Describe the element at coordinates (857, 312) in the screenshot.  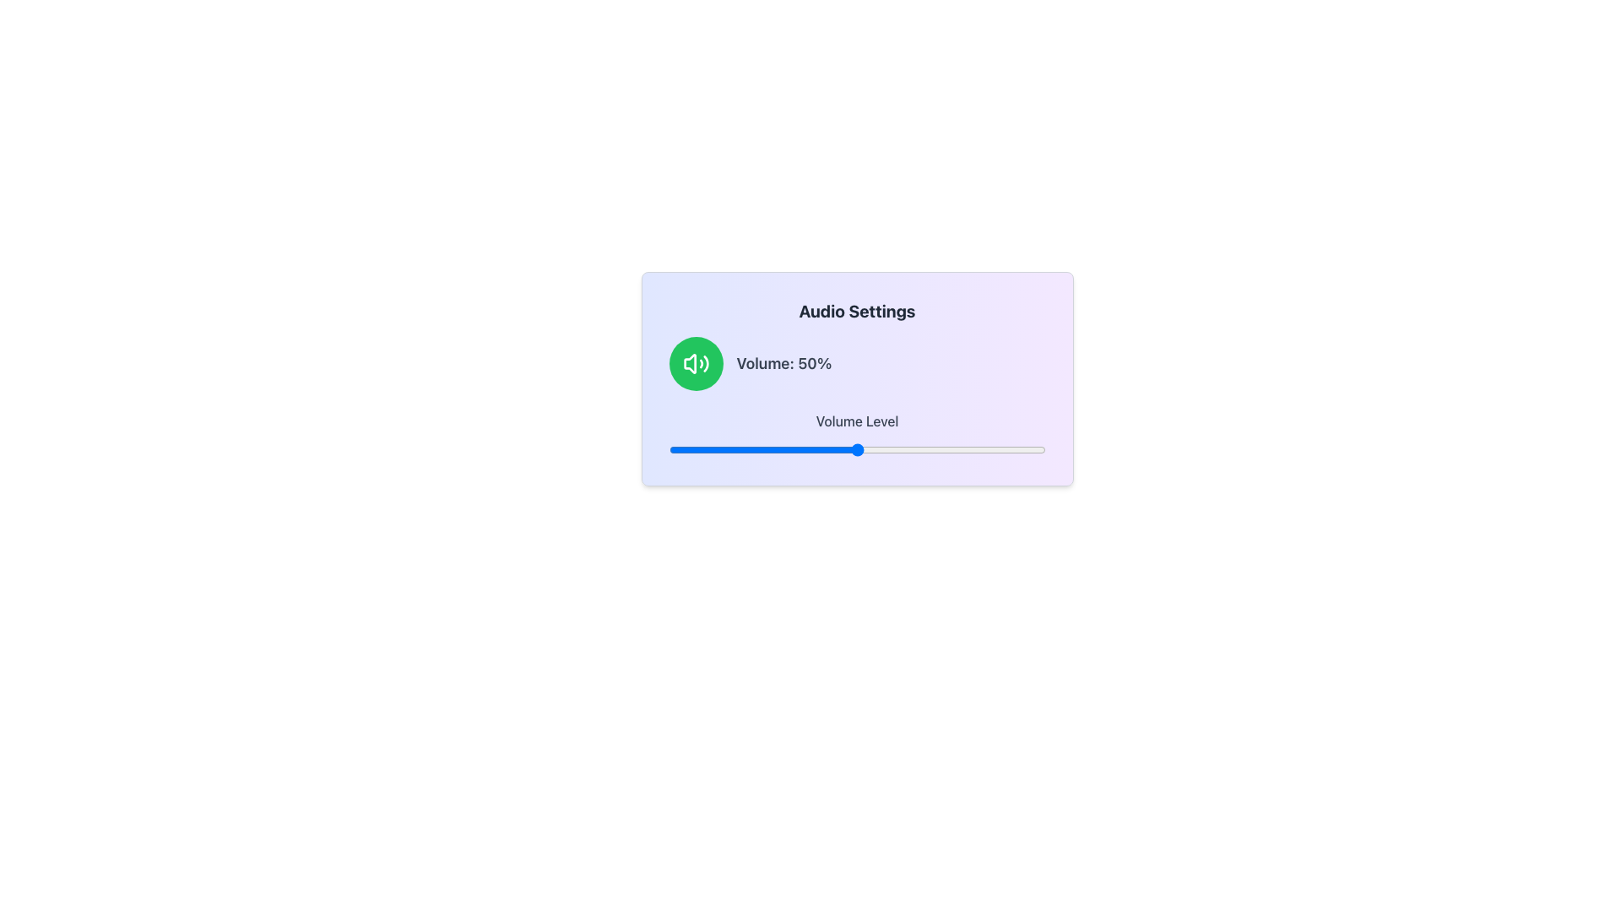
I see `the bold, extra-large text label reading 'Audio Settings' which is positioned in the top-center of the light purple gradient card interface` at that location.